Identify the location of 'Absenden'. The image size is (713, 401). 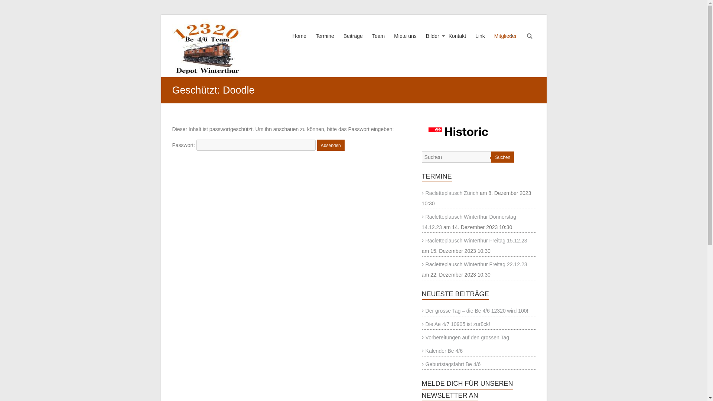
(331, 145).